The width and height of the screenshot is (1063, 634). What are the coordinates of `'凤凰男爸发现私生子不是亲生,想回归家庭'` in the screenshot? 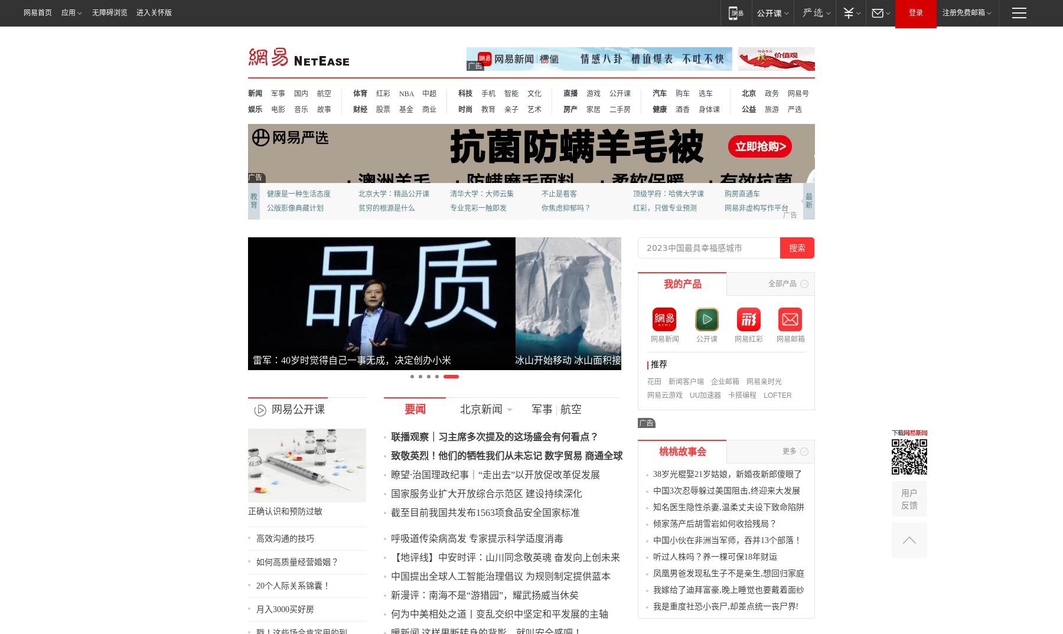 It's located at (798, 586).